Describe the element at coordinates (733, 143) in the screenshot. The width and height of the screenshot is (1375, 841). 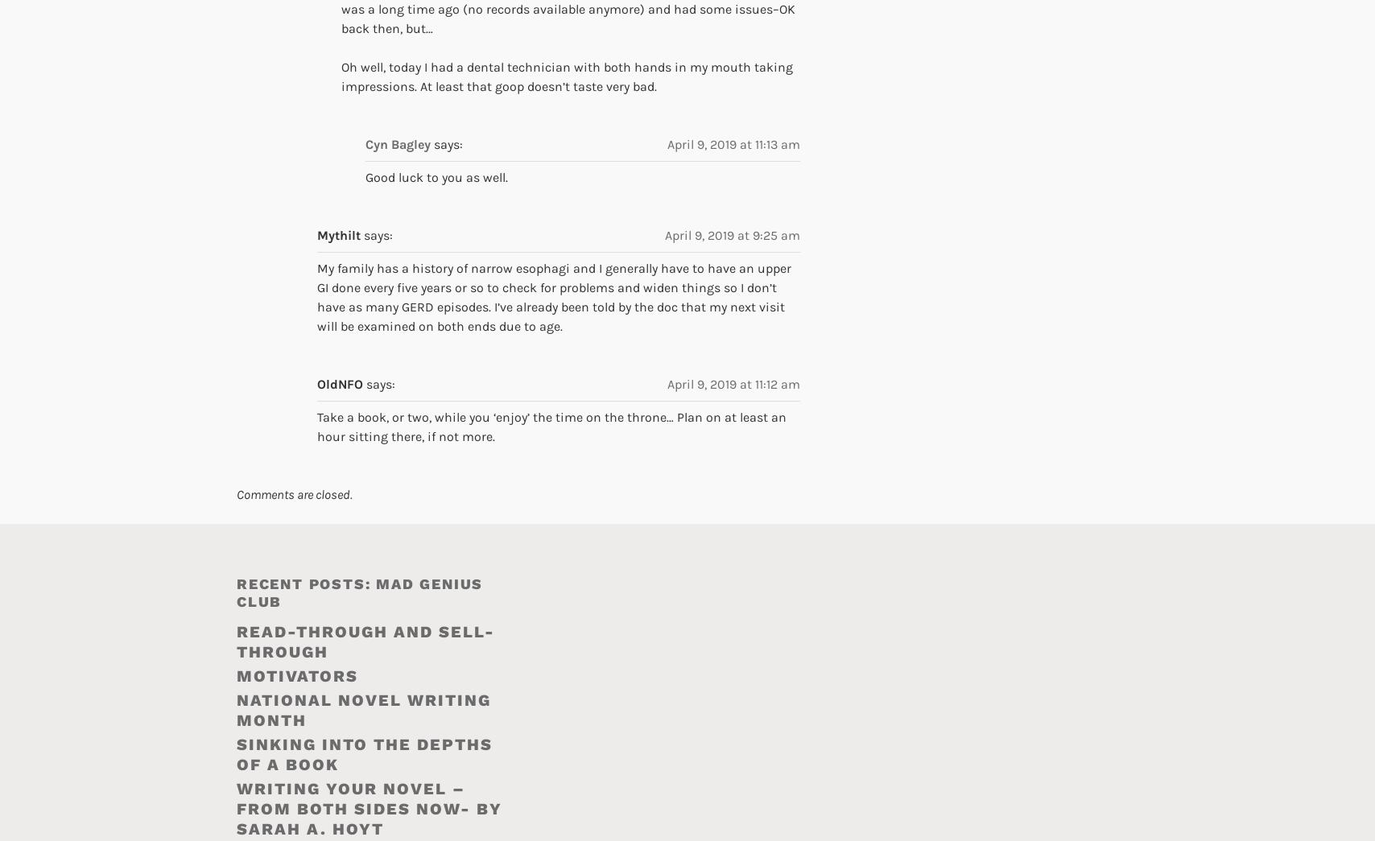
I see `'April 9, 2019 at 11:13 am'` at that location.